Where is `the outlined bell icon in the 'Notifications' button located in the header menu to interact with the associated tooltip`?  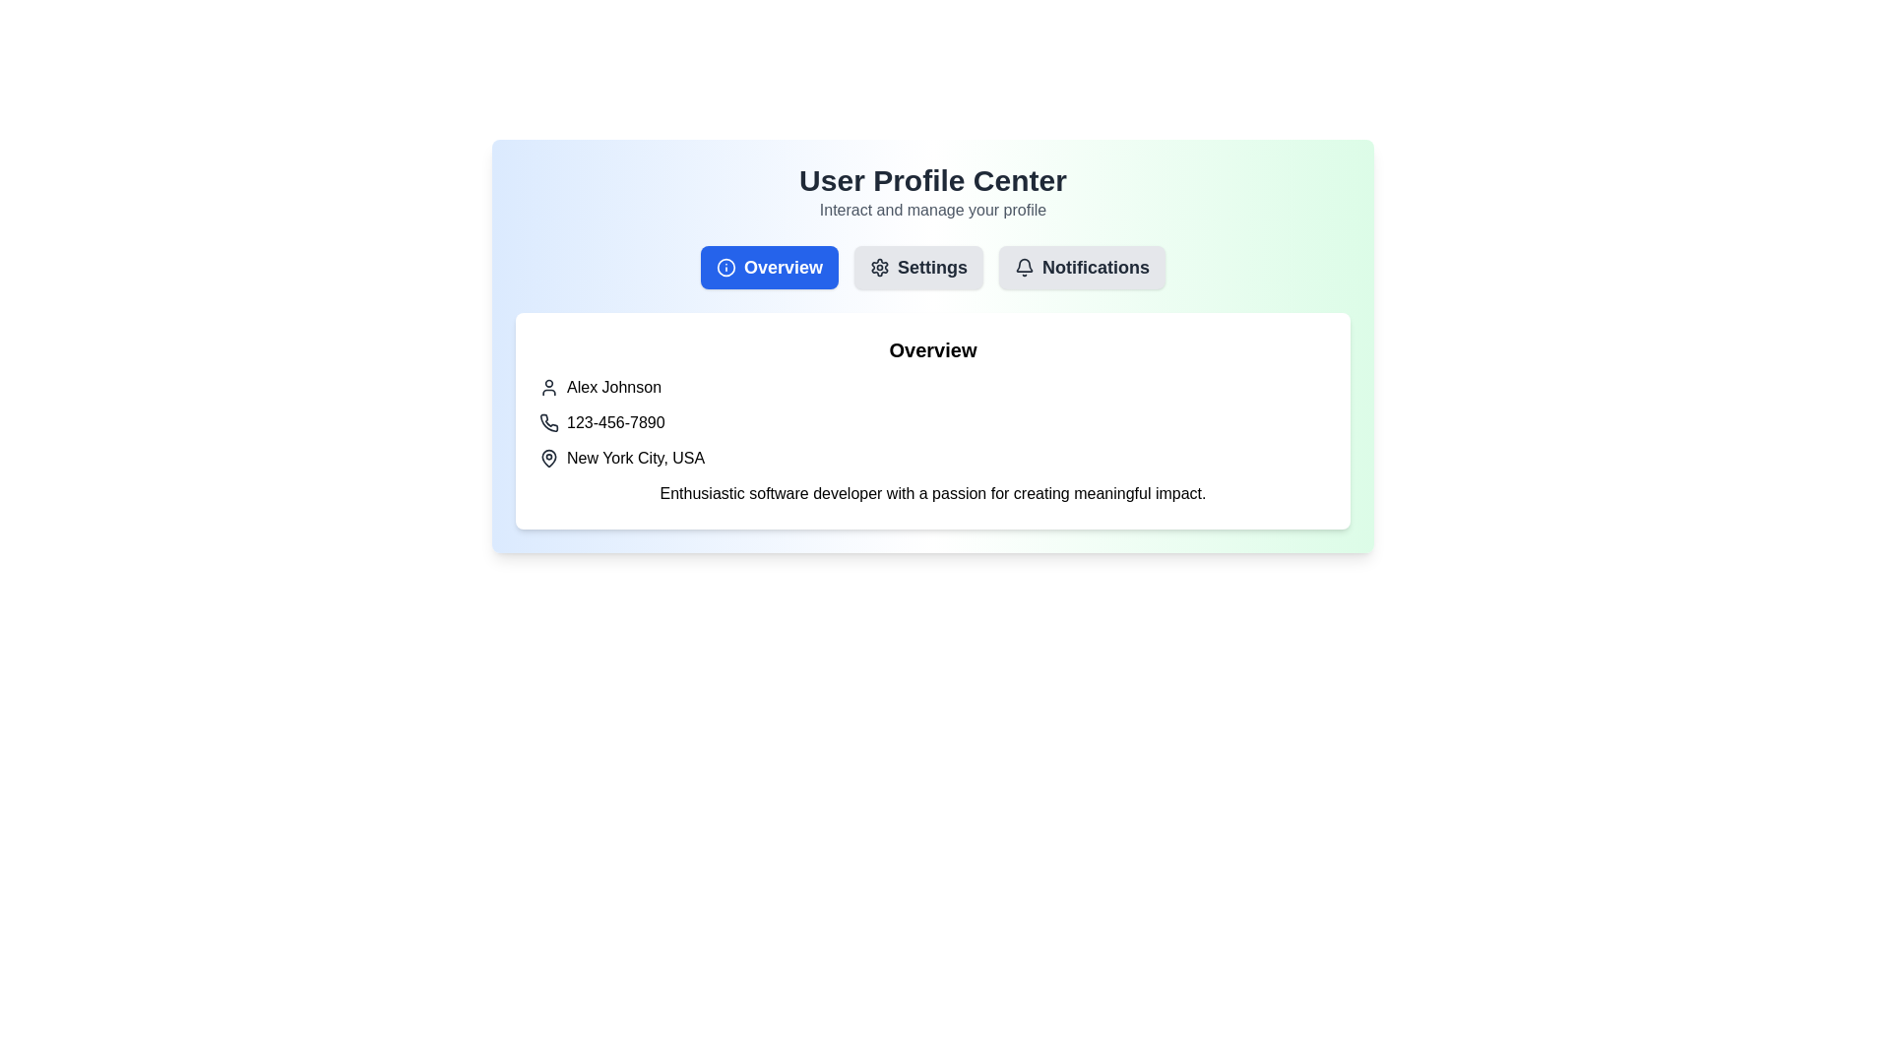 the outlined bell icon in the 'Notifications' button located in the header menu to interact with the associated tooltip is located at coordinates (1024, 268).